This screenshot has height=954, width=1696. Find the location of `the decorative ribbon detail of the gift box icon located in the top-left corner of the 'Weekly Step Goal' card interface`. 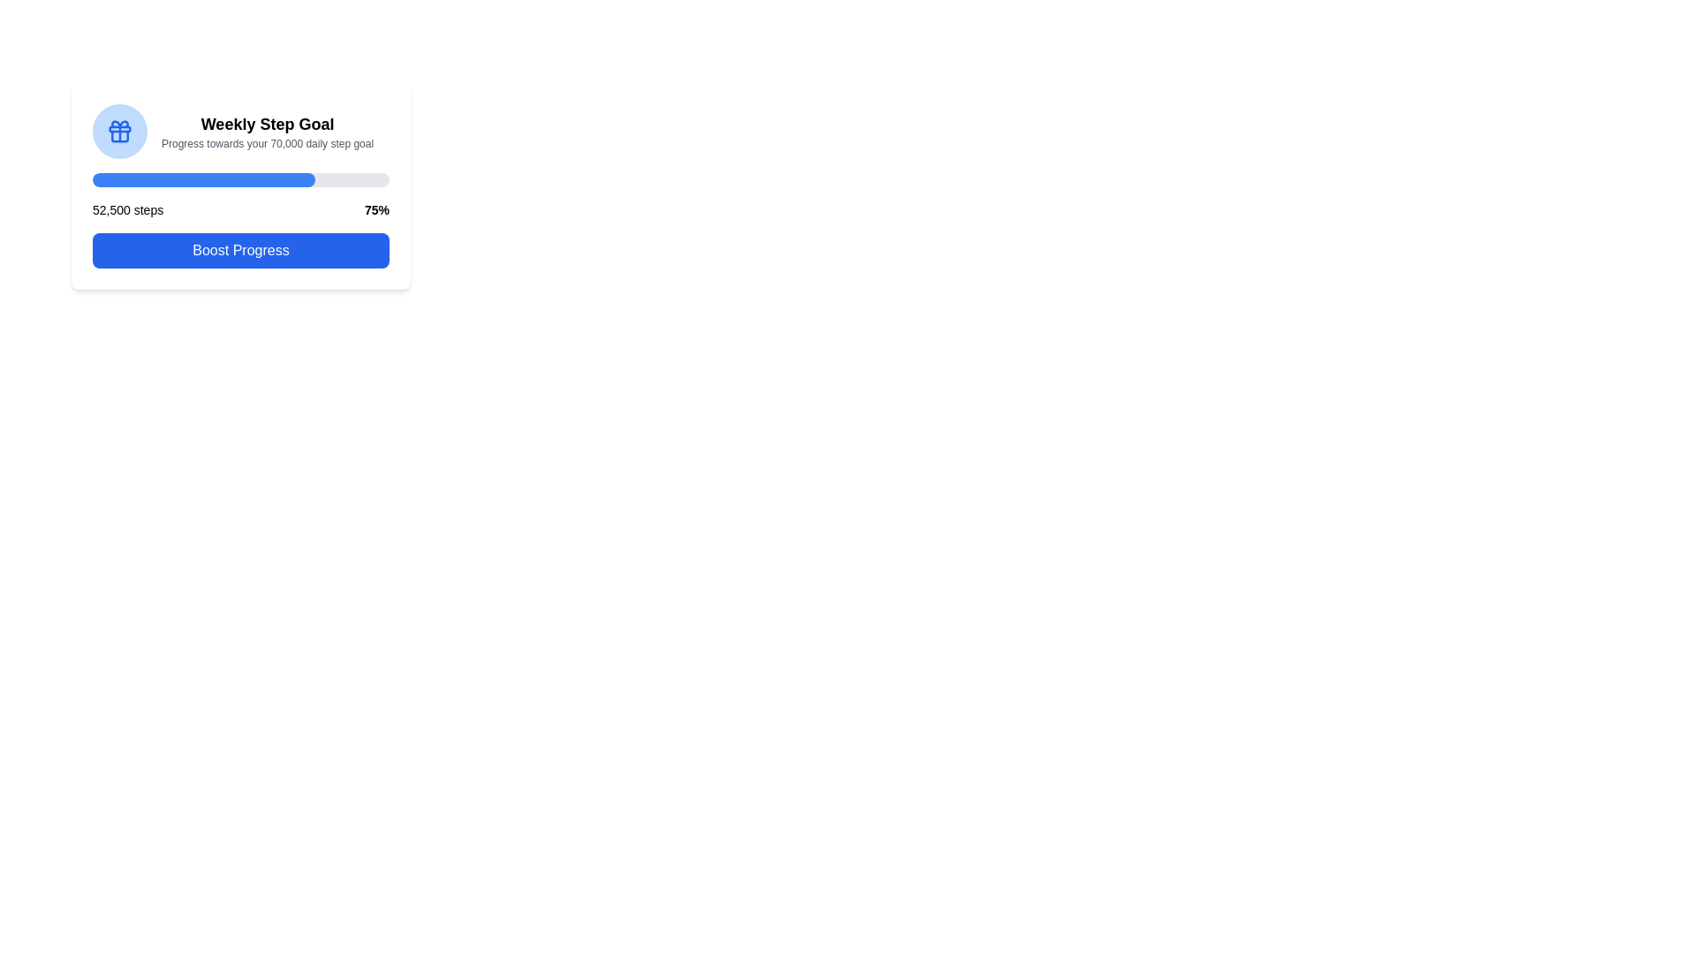

the decorative ribbon detail of the gift box icon located in the top-left corner of the 'Weekly Step Goal' card interface is located at coordinates (118, 122).